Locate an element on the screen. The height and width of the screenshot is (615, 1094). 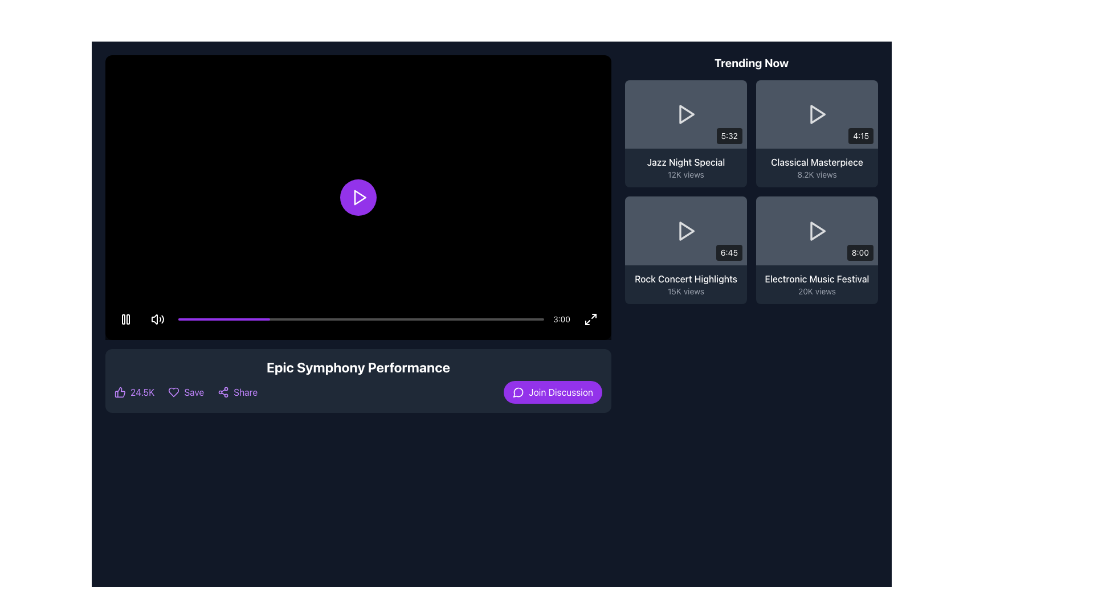
the central play icon within the circular button in the video player interface to play the video is located at coordinates (360, 196).